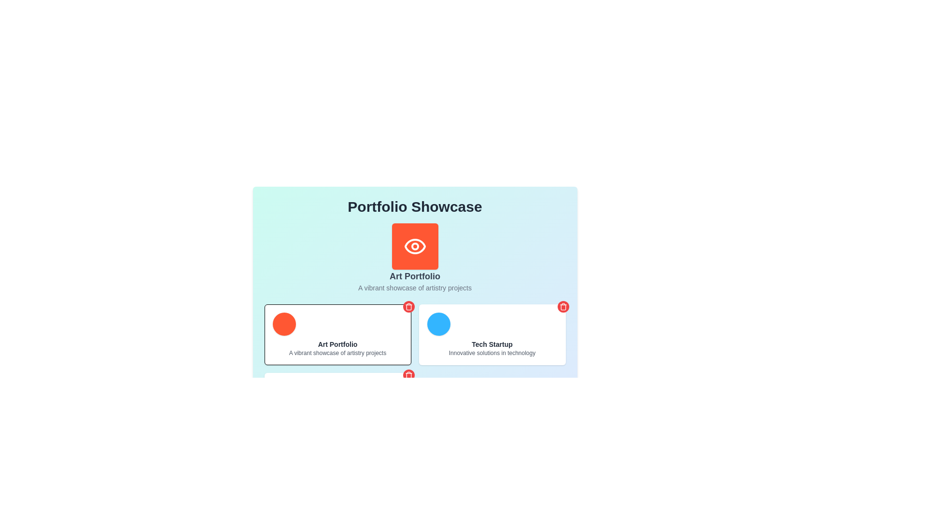 The height and width of the screenshot is (521, 927). Describe the element at coordinates (492, 343) in the screenshot. I see `the Text label displaying 'Tech Startup', which serves as the main title for the card and is located above the description text 'Innovative solutions in technology'` at that location.